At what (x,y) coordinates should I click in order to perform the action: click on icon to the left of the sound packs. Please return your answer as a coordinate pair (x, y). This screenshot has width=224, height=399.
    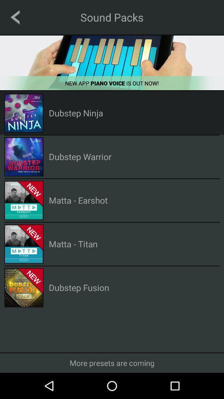
    Looking at the image, I should click on (15, 17).